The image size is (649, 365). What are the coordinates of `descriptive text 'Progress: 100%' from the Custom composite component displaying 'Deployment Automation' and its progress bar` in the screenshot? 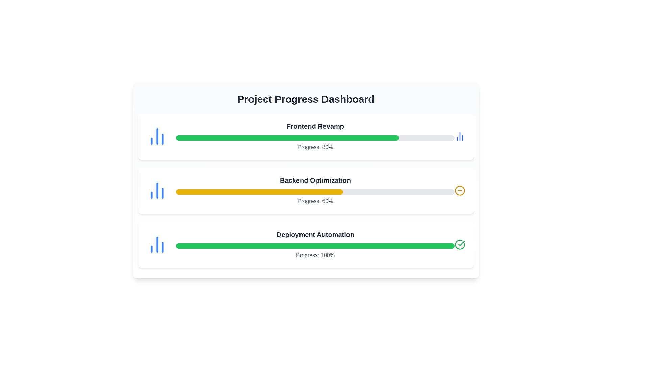 It's located at (315, 245).